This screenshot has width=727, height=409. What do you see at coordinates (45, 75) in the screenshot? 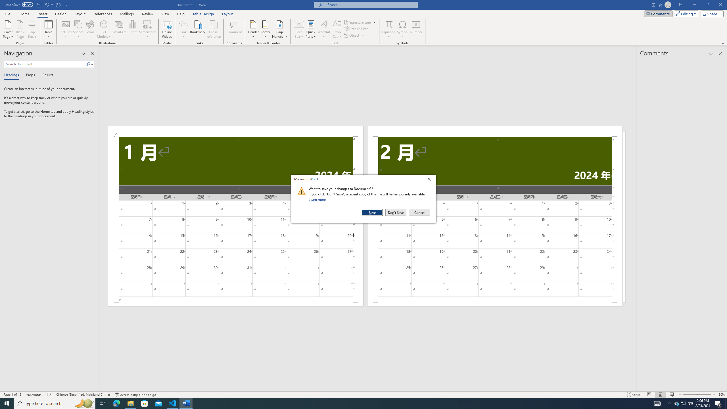
I see `'Results'` at bounding box center [45, 75].